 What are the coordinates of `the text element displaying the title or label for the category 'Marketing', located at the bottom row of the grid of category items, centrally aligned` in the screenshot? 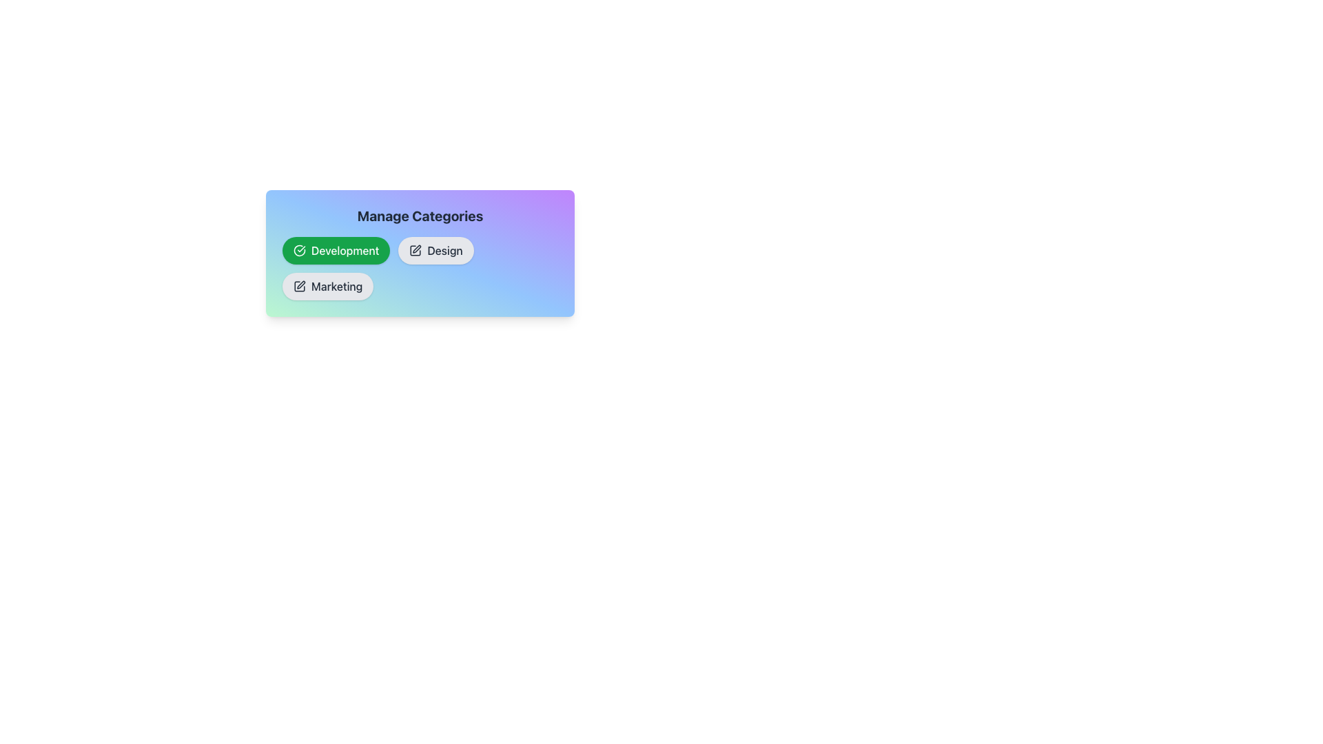 It's located at (337, 286).